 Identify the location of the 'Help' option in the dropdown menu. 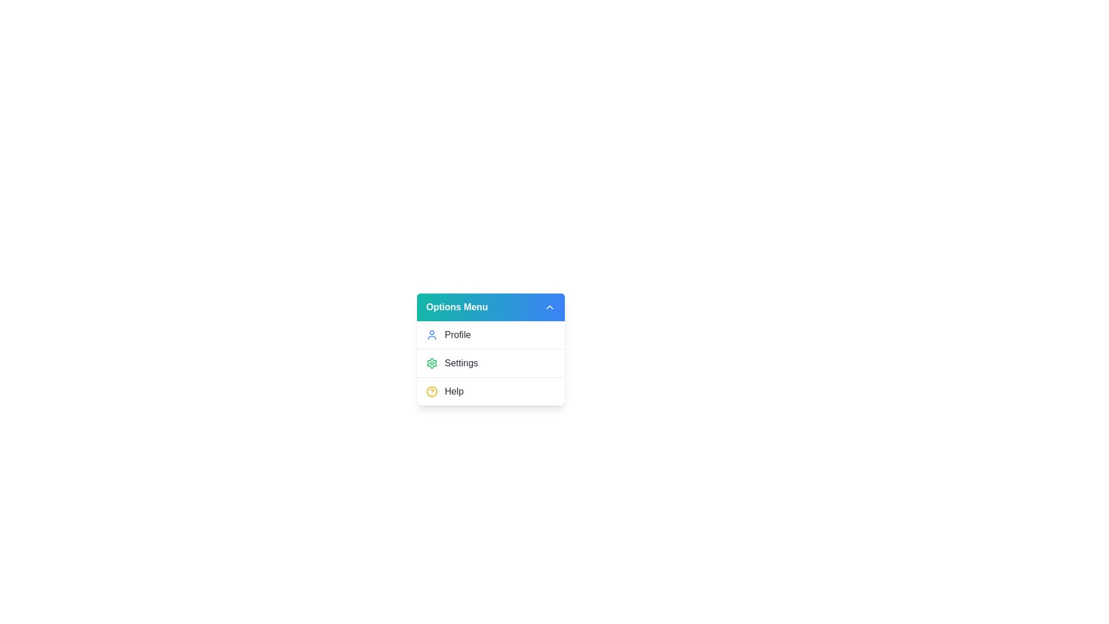
(490, 391).